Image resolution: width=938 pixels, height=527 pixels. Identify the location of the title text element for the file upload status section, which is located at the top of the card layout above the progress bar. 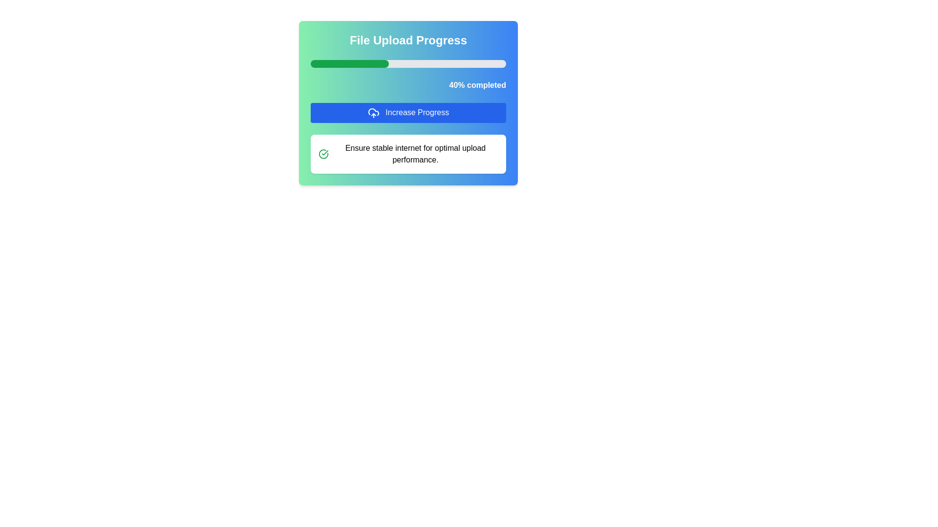
(408, 40).